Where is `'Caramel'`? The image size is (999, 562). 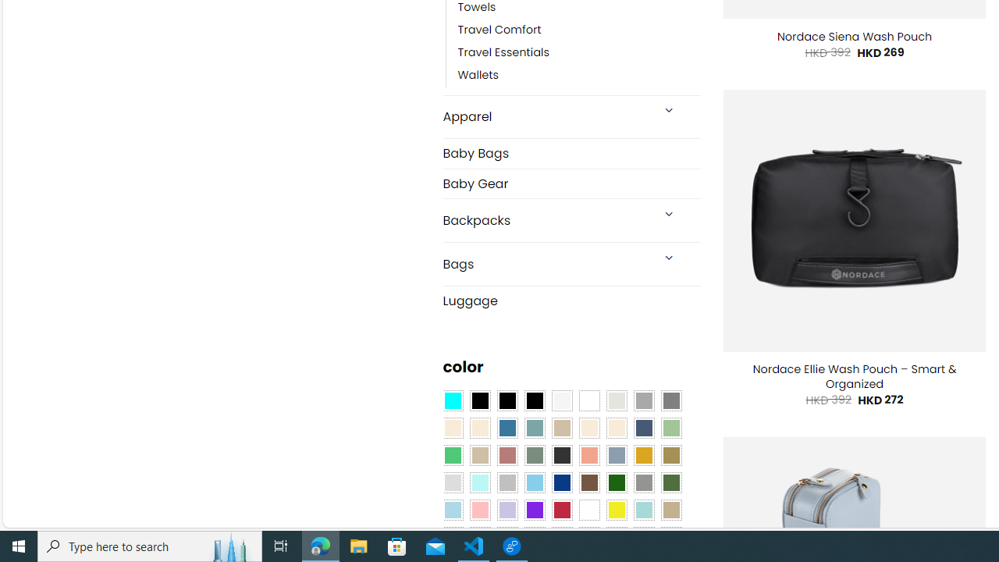
'Caramel' is located at coordinates (588, 429).